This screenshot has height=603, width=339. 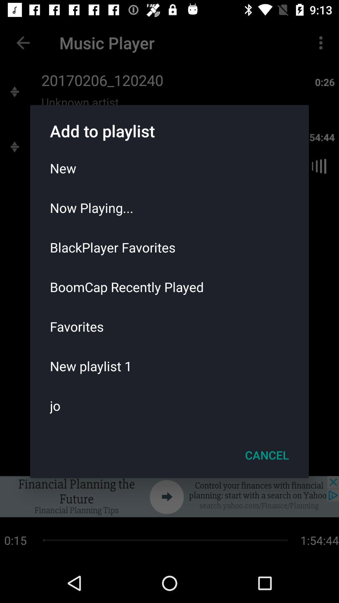 I want to click on item below the favorites item, so click(x=169, y=366).